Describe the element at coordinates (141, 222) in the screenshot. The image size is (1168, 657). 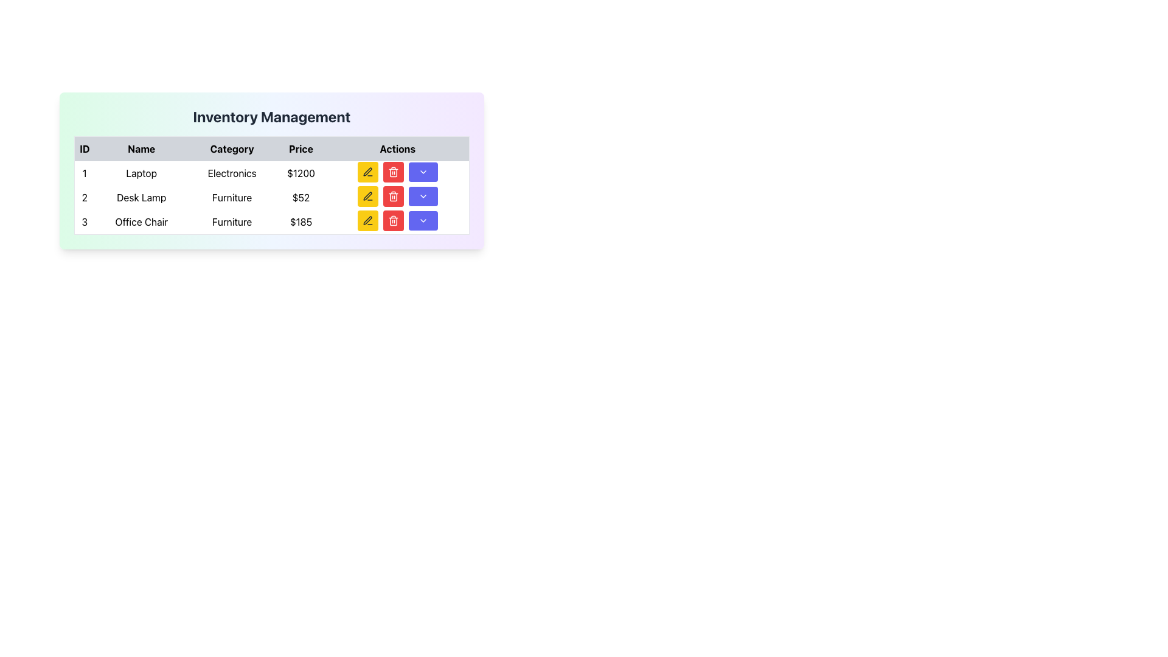
I see `the Table Cell Text in the third row under the header 'Name'` at that location.